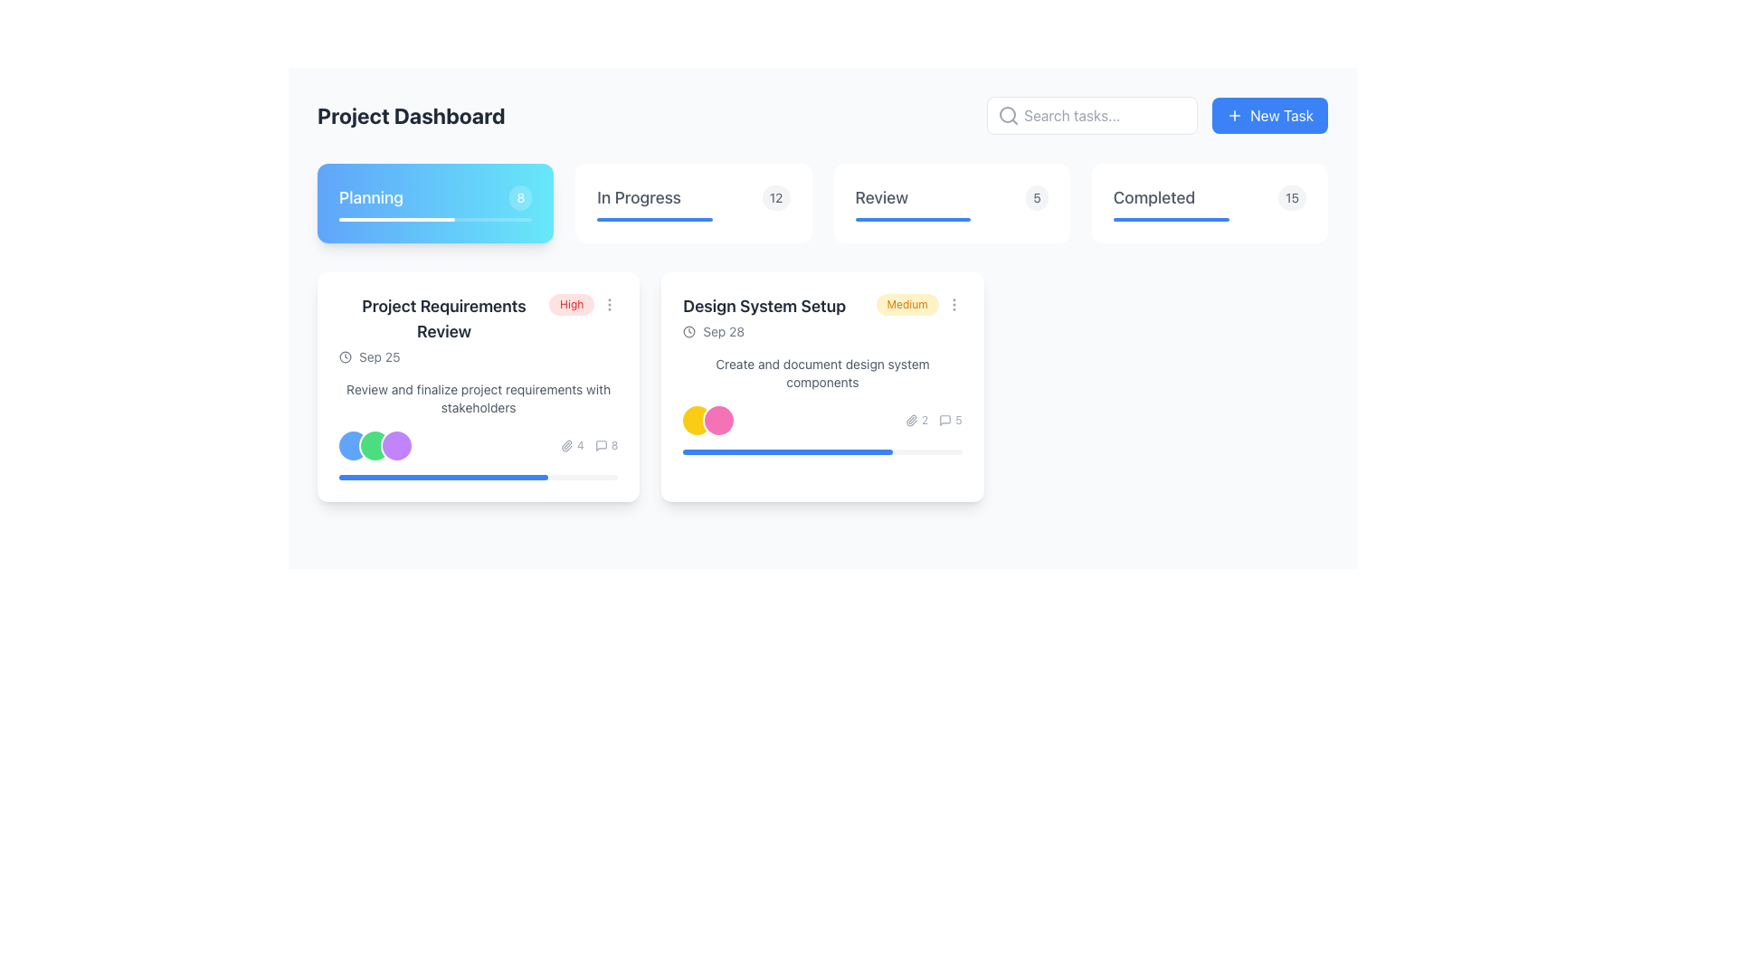  I want to click on displayed text 'Sep 25' which is styled in a small font and gray color, located in the top-left area of the first task card titled 'Project Requirements Review', so click(378, 356).